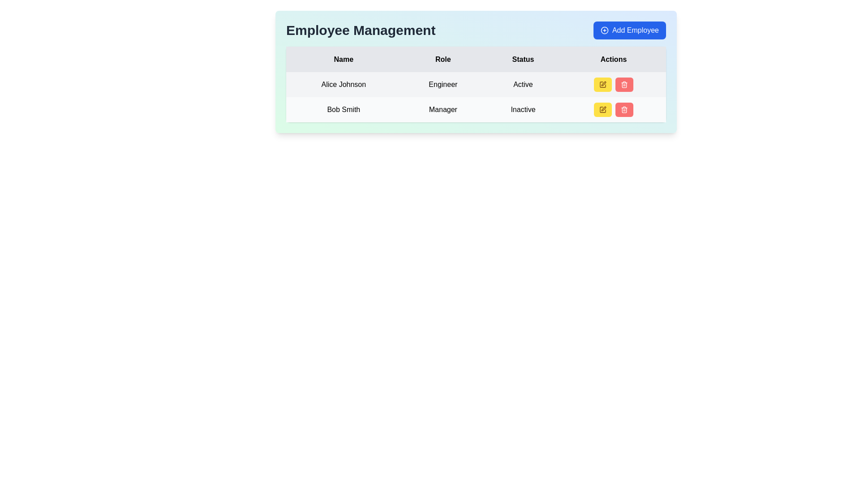  I want to click on the text label displaying 'Bob Smith', located in the second row under the 'Name' column of the table, so click(343, 109).